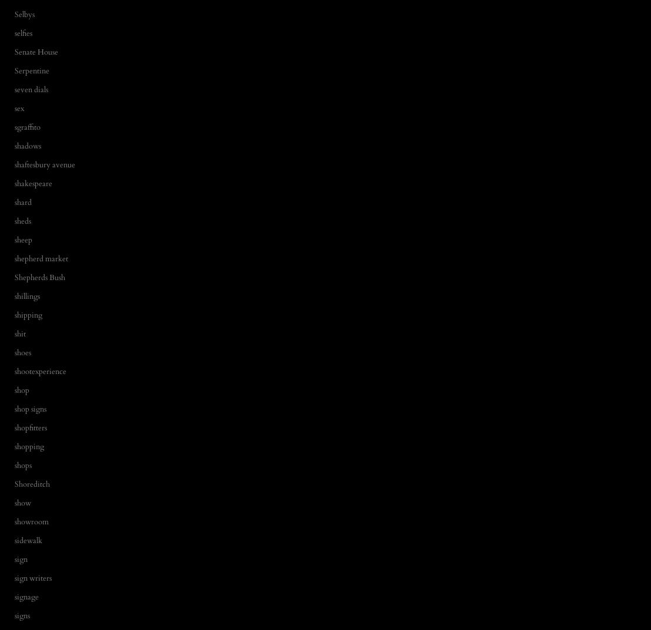 This screenshot has height=630, width=651. I want to click on 'Serpentine', so click(31, 70).